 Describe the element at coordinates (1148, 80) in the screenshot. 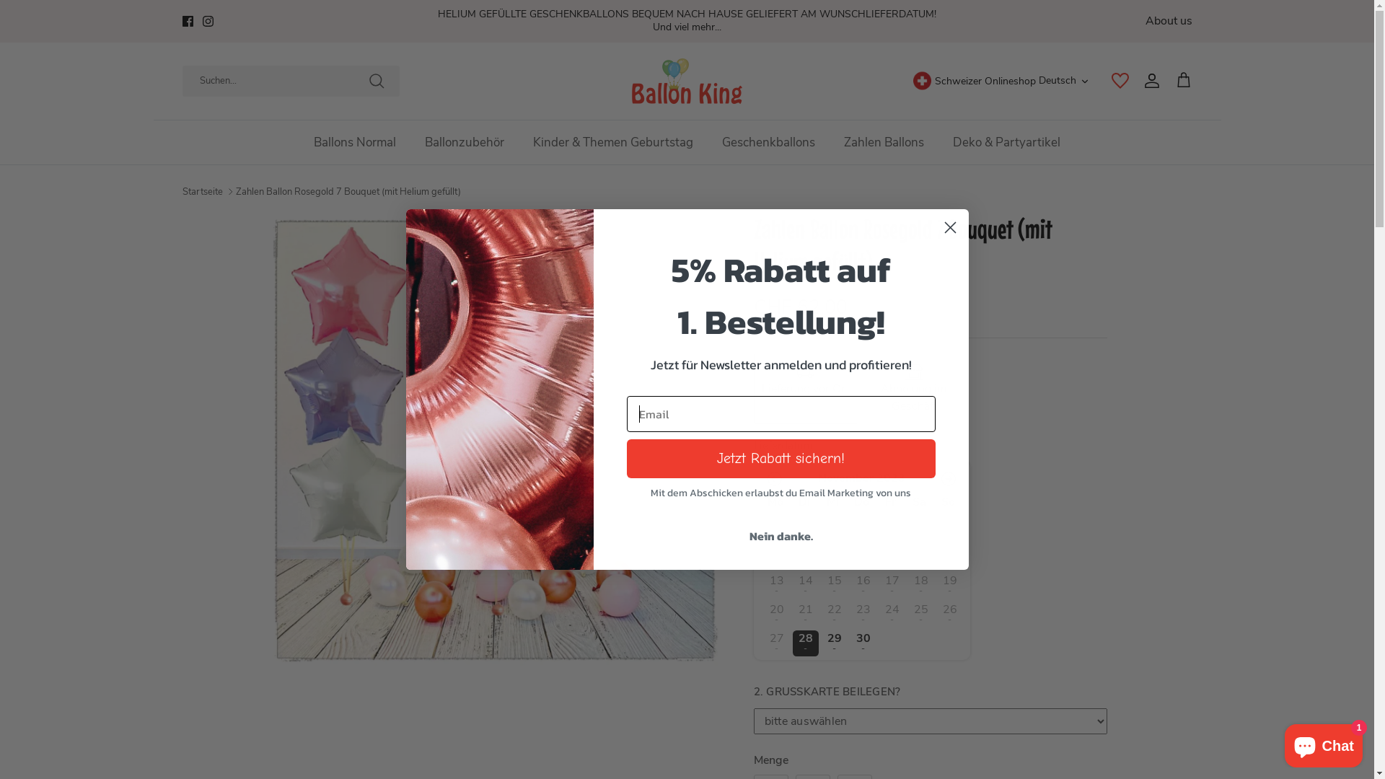

I see `'Account'` at that location.